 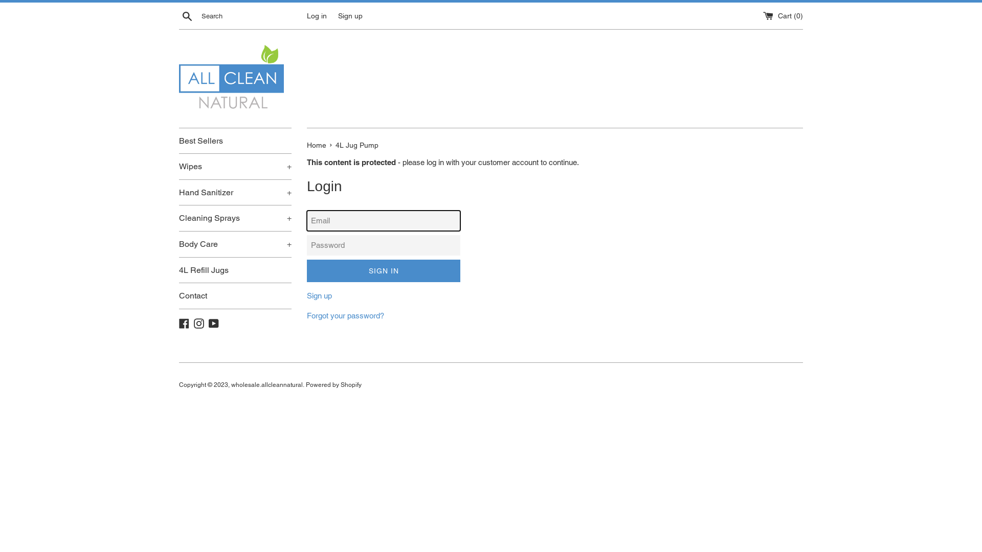 What do you see at coordinates (338, 15) in the screenshot?
I see `'Sign up'` at bounding box center [338, 15].